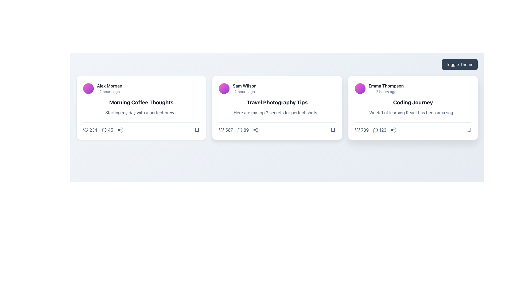 The height and width of the screenshot is (289, 513). What do you see at coordinates (244, 92) in the screenshot?
I see `the text label displaying '2 hours ago' located below 'Sam Wilson' in the second column of the card for 'Sam Wilson'` at bounding box center [244, 92].